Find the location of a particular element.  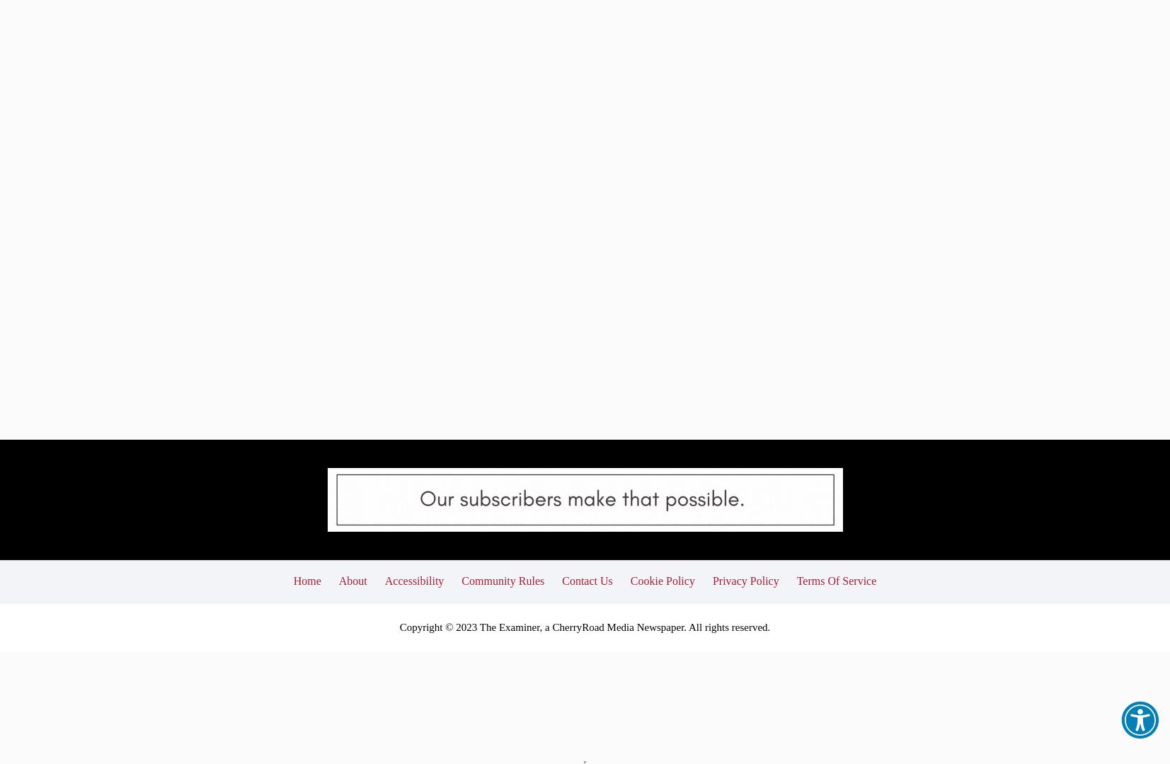

'Accessibility' is located at coordinates (413, 481).